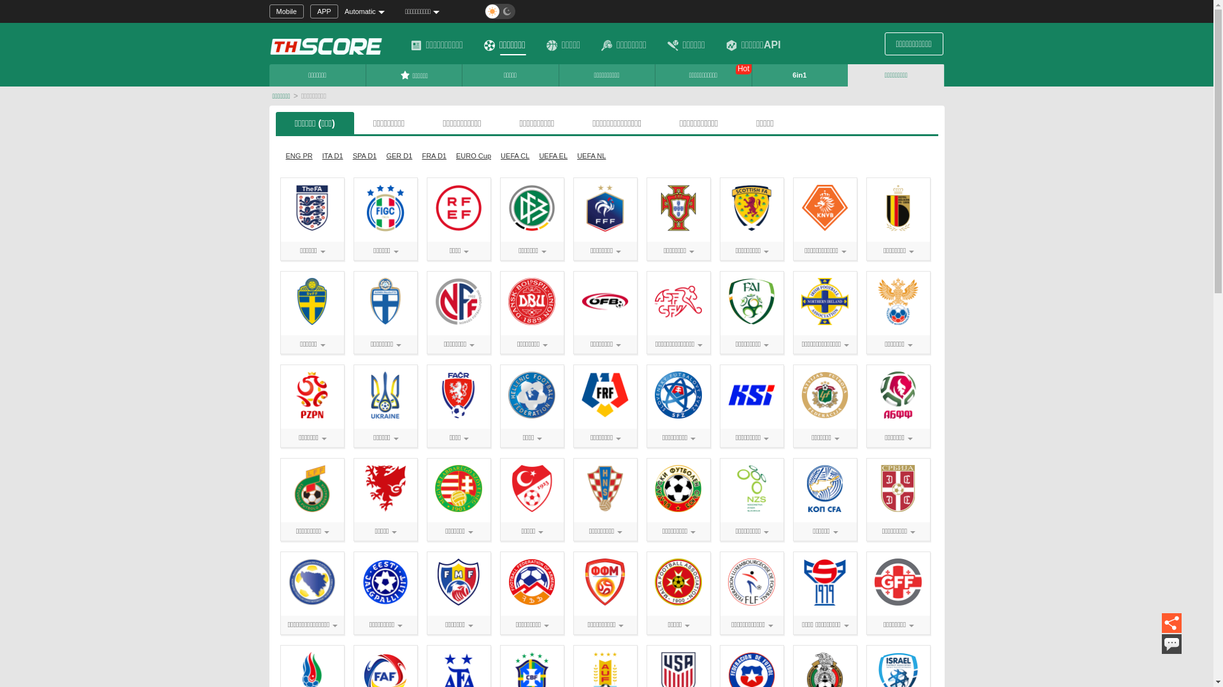 The image size is (1223, 687). I want to click on 'UEFA CL', so click(515, 155).